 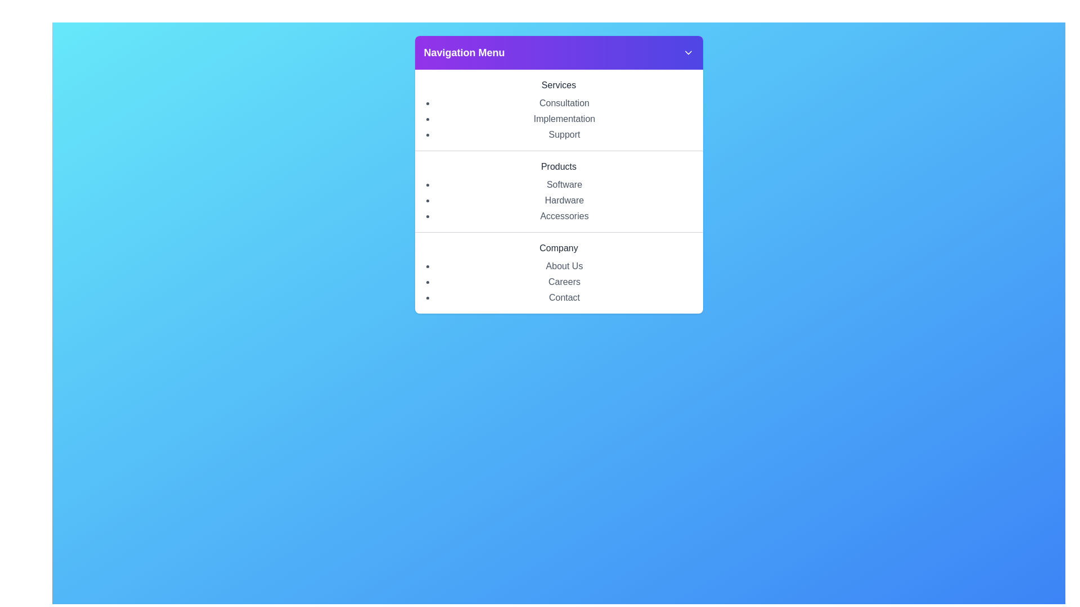 I want to click on the menu option Hardware within the category Products, so click(x=564, y=200).